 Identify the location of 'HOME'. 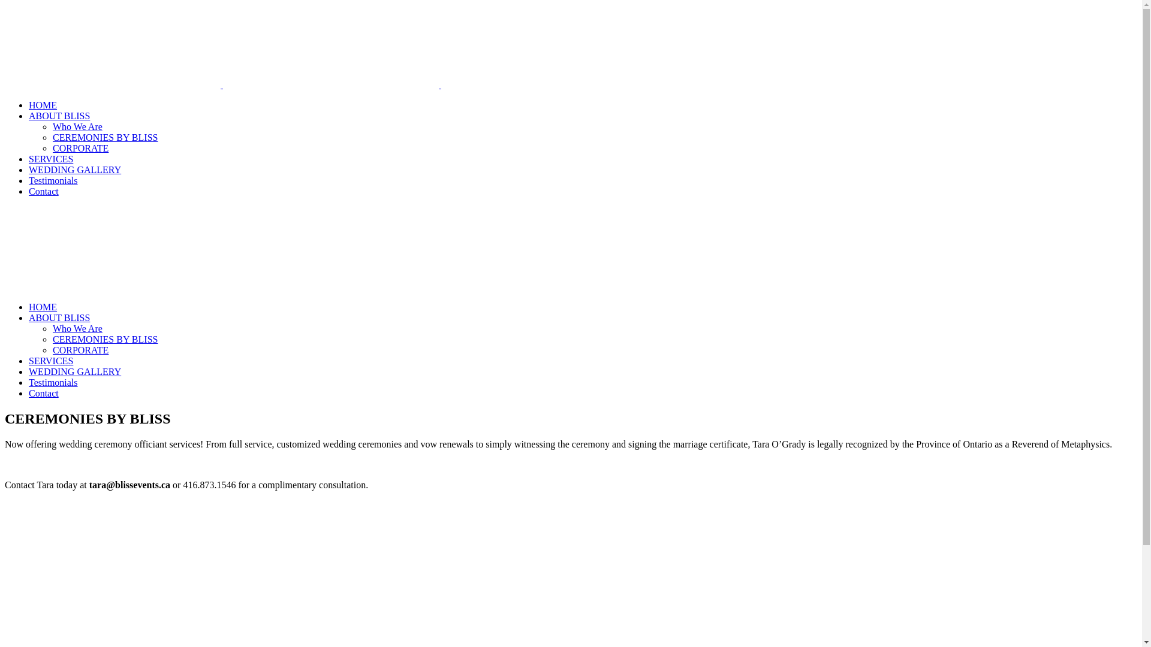
(43, 306).